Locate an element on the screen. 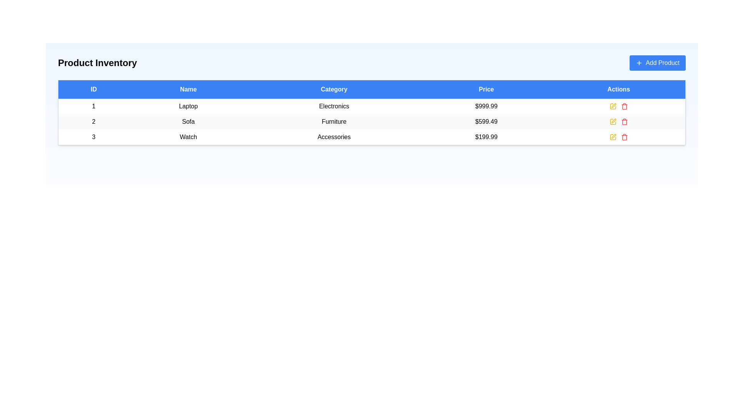 The width and height of the screenshot is (738, 415). the icon button resembling a pen or pencil in the Actions column, located in the second row associated with the item 'Sofa' is located at coordinates (613, 121).